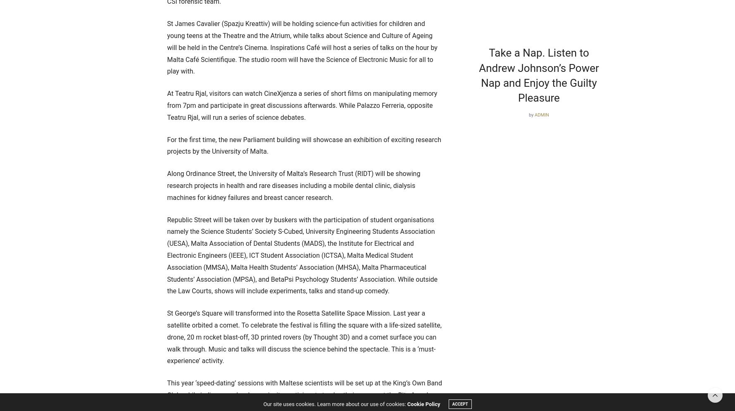 This screenshot has height=411, width=735. I want to click on 'Our site uses cookies. Learn more about our use of cookies:', so click(335, 404).